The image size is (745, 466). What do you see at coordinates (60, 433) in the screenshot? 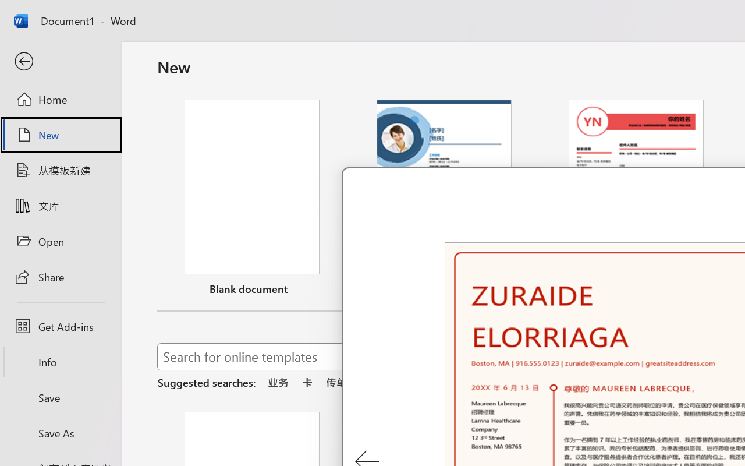
I see `'Save As'` at bounding box center [60, 433].